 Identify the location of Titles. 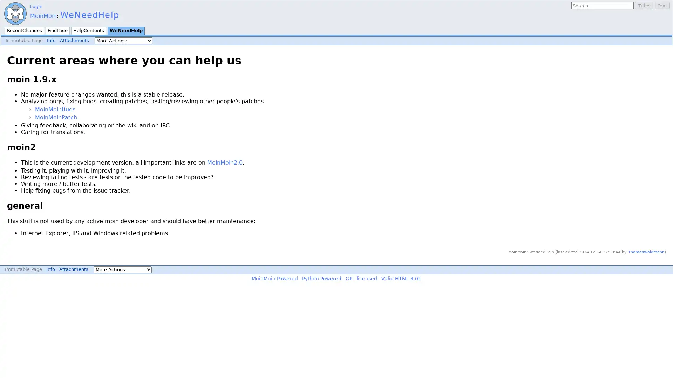
(644, 6).